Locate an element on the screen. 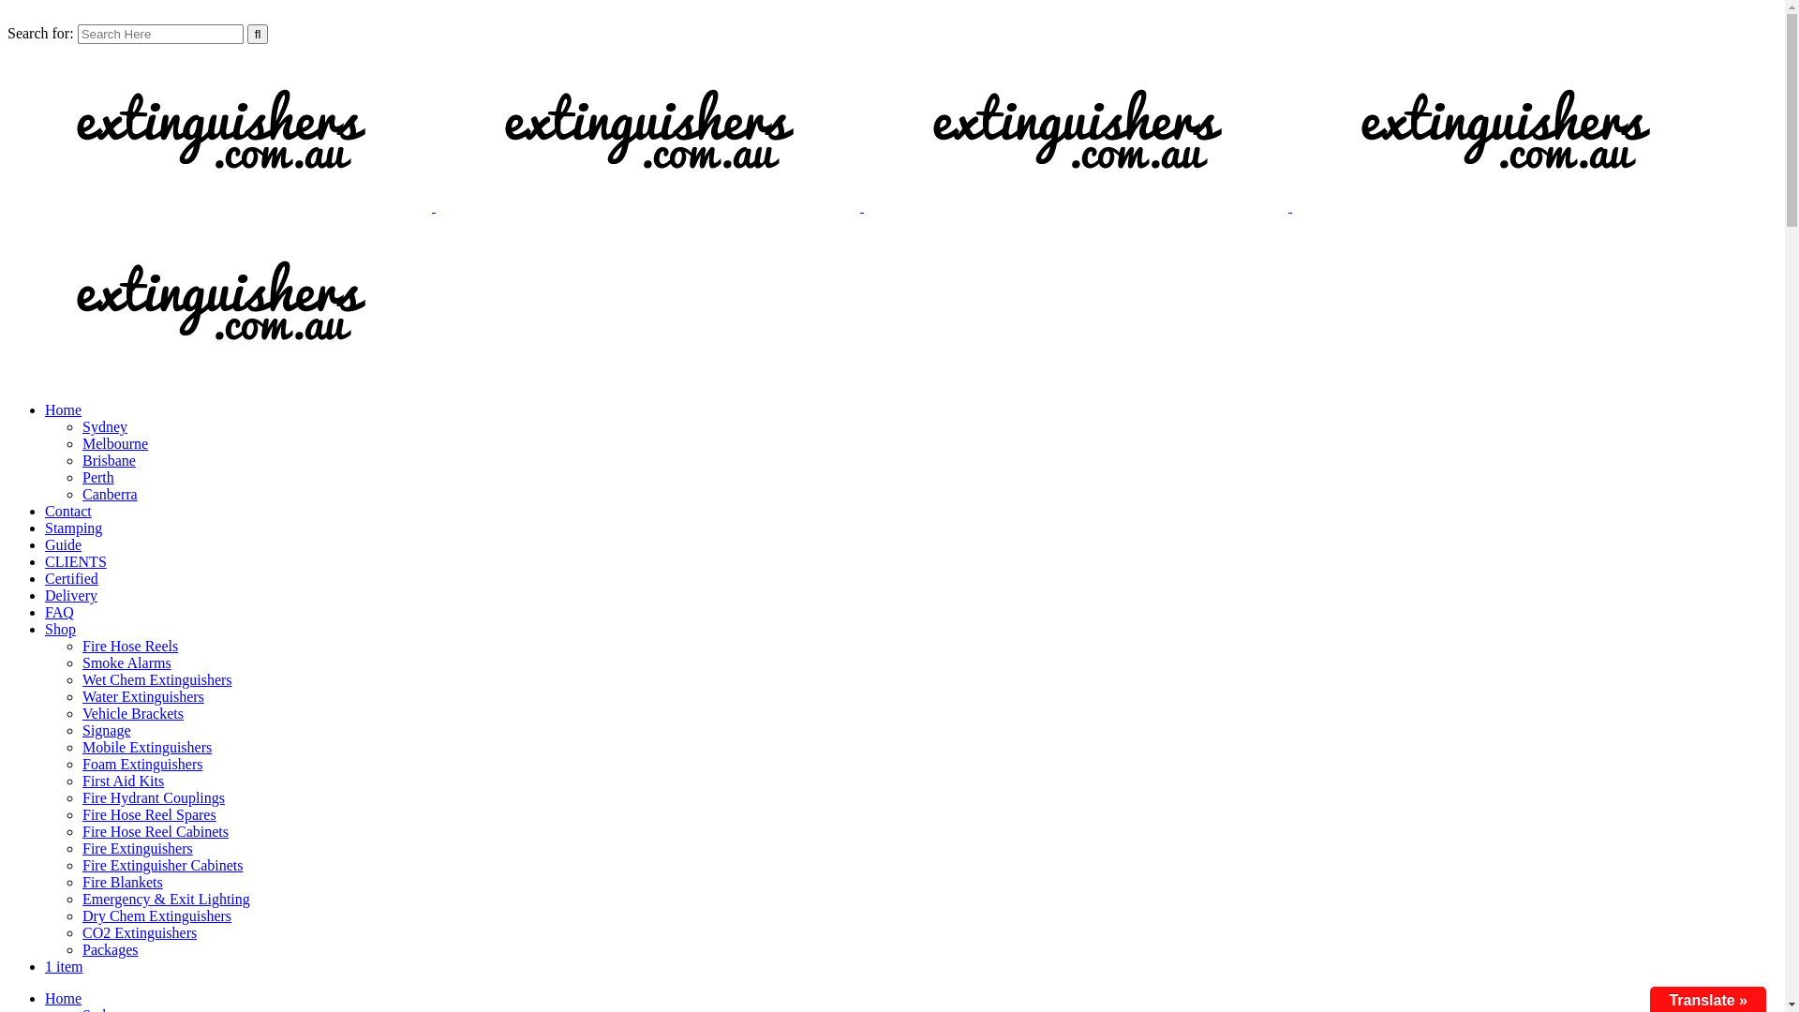 This screenshot has width=1799, height=1012. 'Sydney' is located at coordinates (103, 426).